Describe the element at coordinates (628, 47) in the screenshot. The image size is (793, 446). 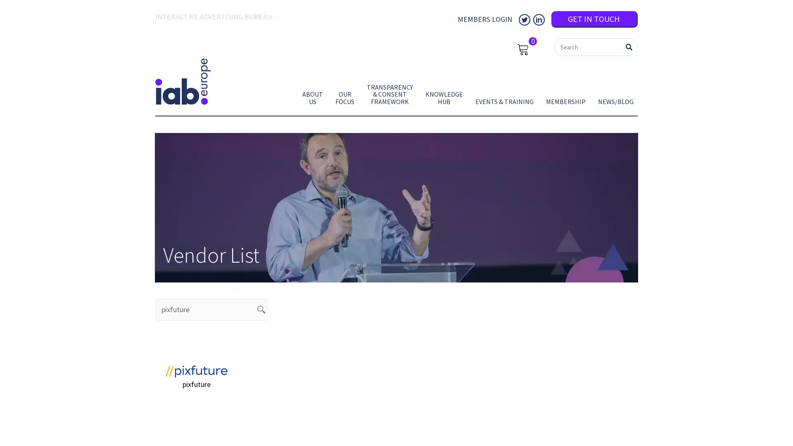
I see `Search` at that location.